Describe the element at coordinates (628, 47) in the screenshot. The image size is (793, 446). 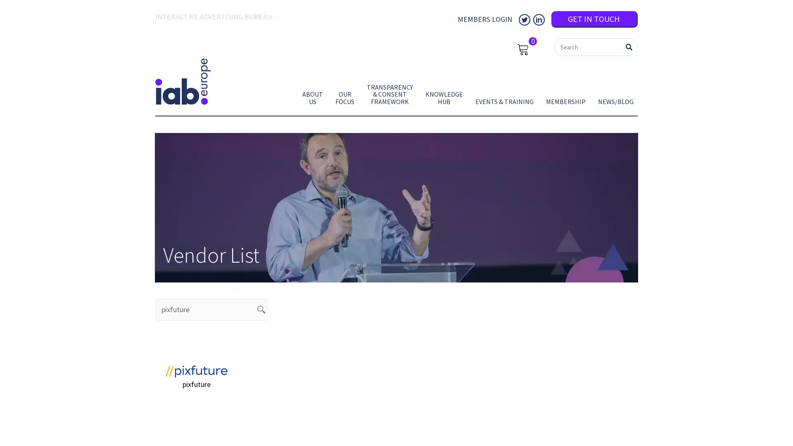
I see `Search` at that location.